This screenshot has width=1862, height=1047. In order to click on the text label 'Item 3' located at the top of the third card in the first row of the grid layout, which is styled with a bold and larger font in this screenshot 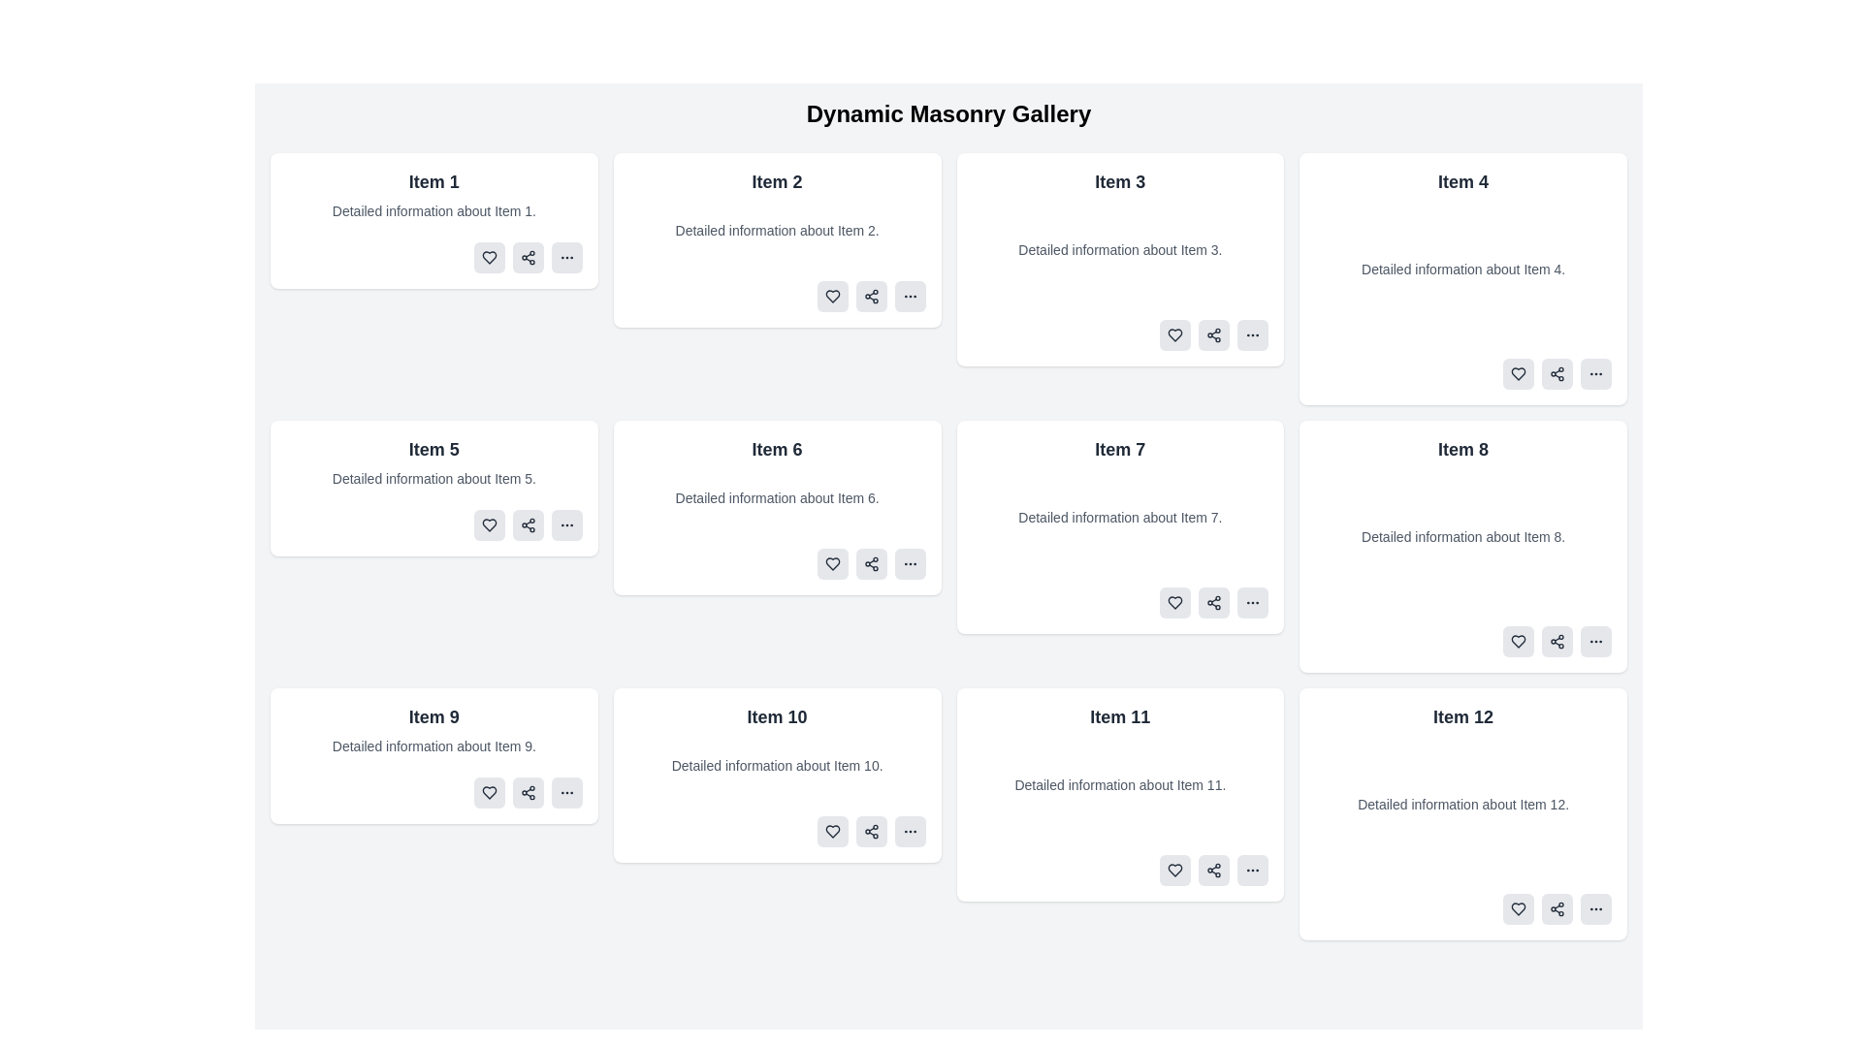, I will do `click(1120, 182)`.